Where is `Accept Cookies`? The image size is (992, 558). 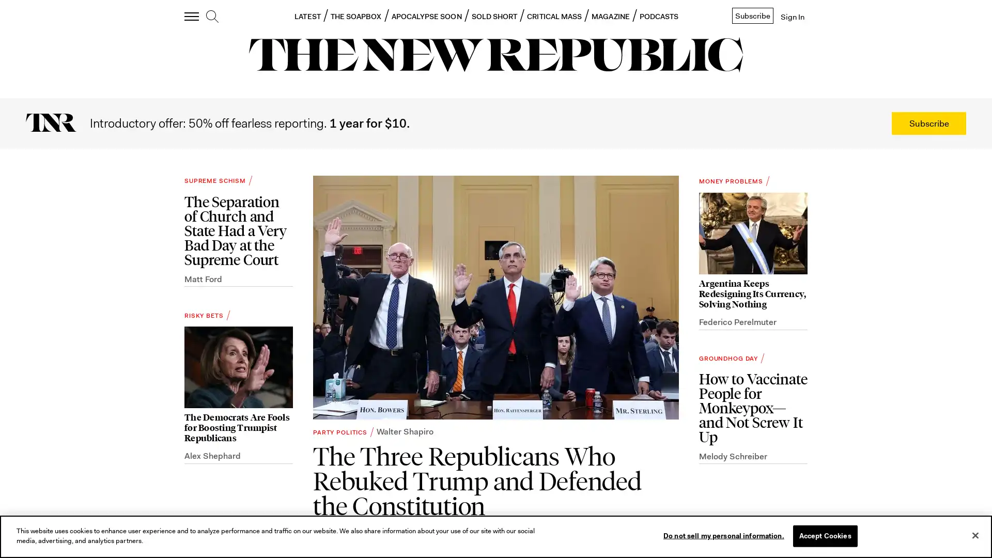
Accept Cookies is located at coordinates (824, 535).